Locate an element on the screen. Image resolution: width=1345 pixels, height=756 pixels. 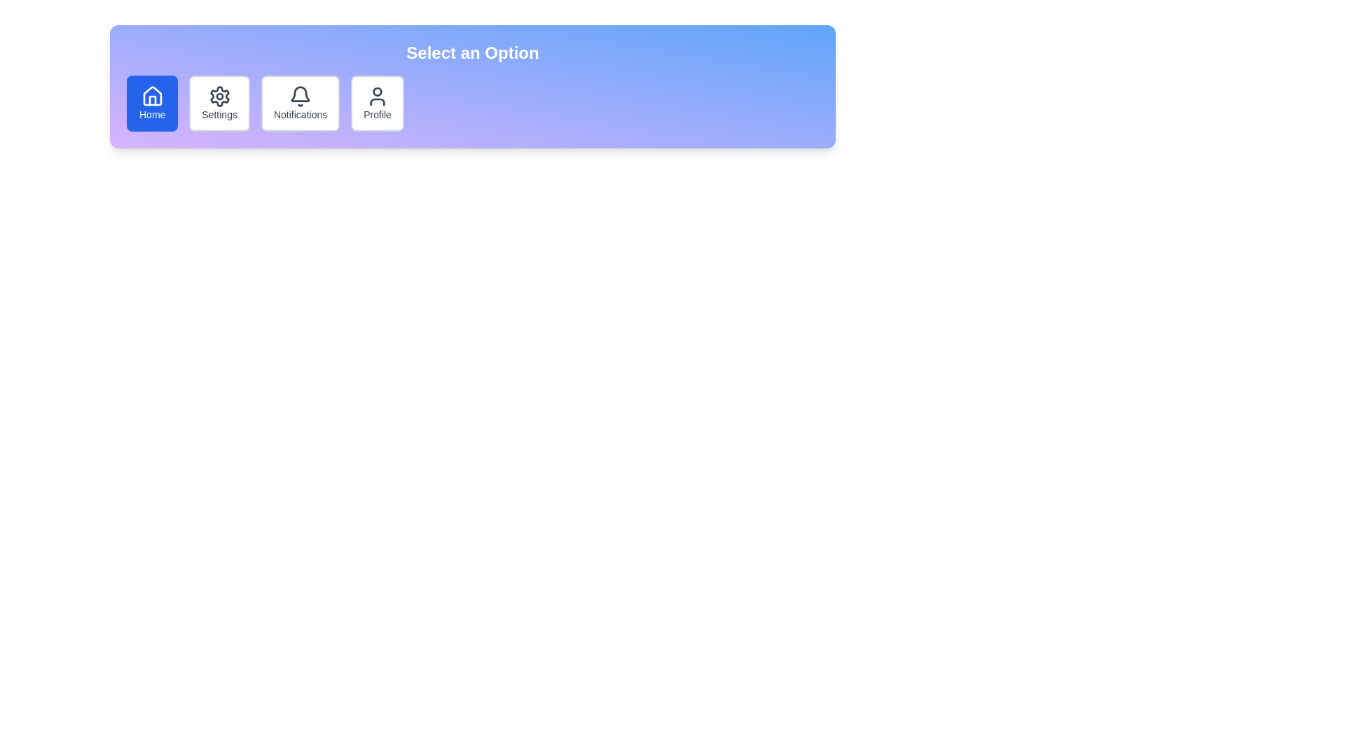
the circular graphic representing the profile icon located in the navigation bar at the top of the interface is located at coordinates (378, 92).